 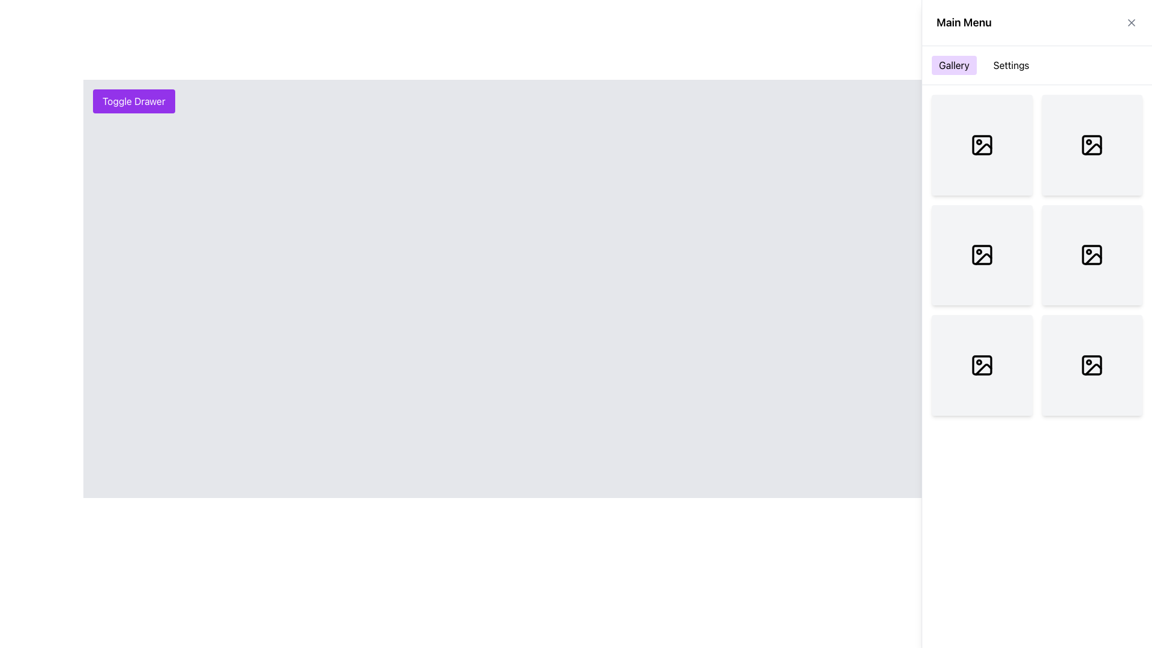 What do you see at coordinates (953, 65) in the screenshot?
I see `the navigation button located in the header section of the right-side panel, positioned to the left of the 'Settings' button` at bounding box center [953, 65].